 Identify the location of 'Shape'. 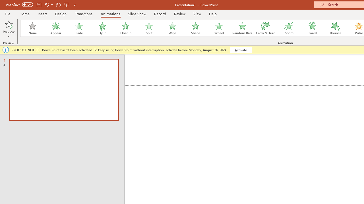
(196, 28).